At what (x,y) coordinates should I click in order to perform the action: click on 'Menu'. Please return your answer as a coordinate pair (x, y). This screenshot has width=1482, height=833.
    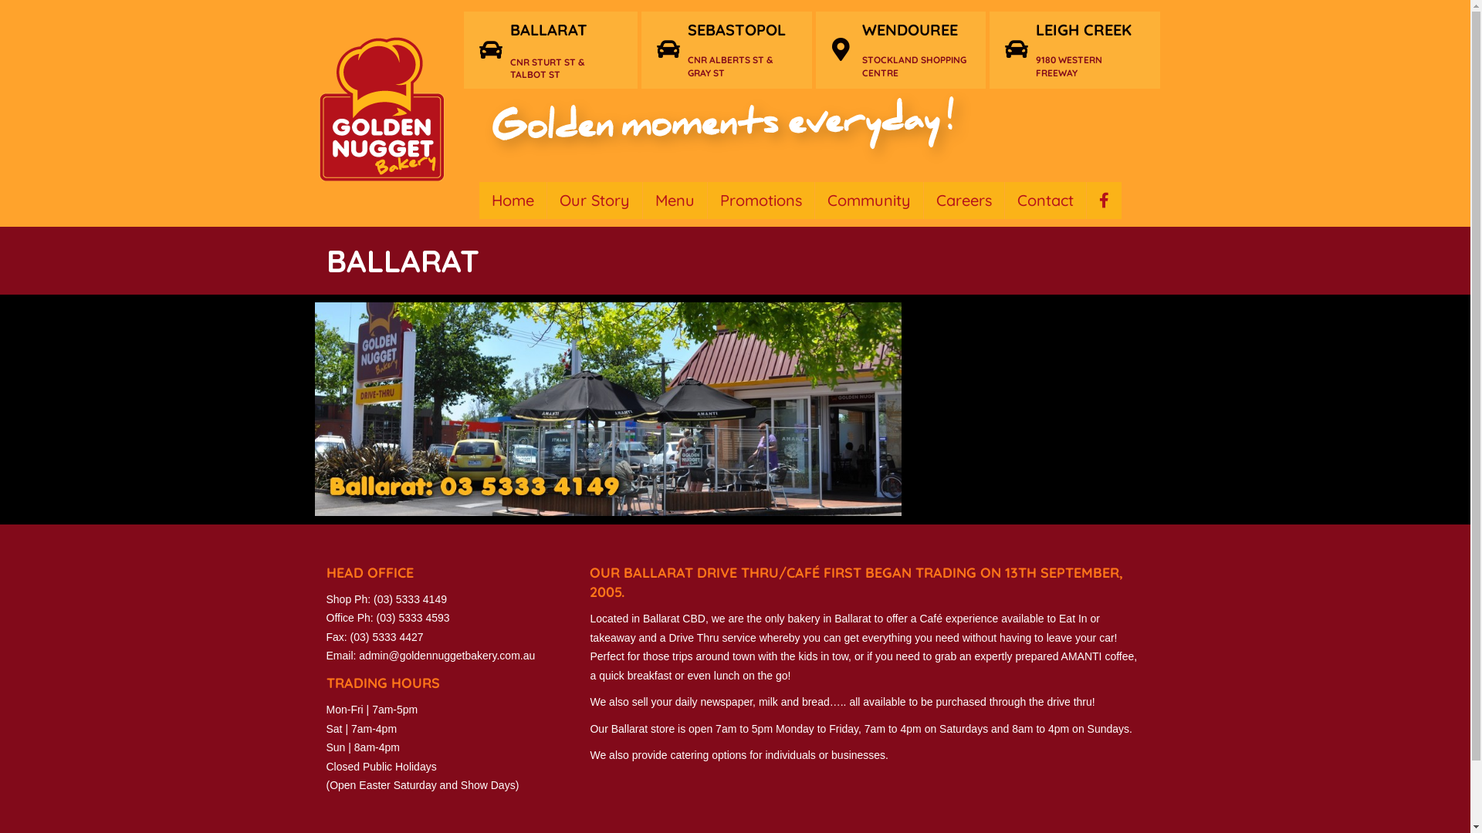
    Looking at the image, I should click on (674, 199).